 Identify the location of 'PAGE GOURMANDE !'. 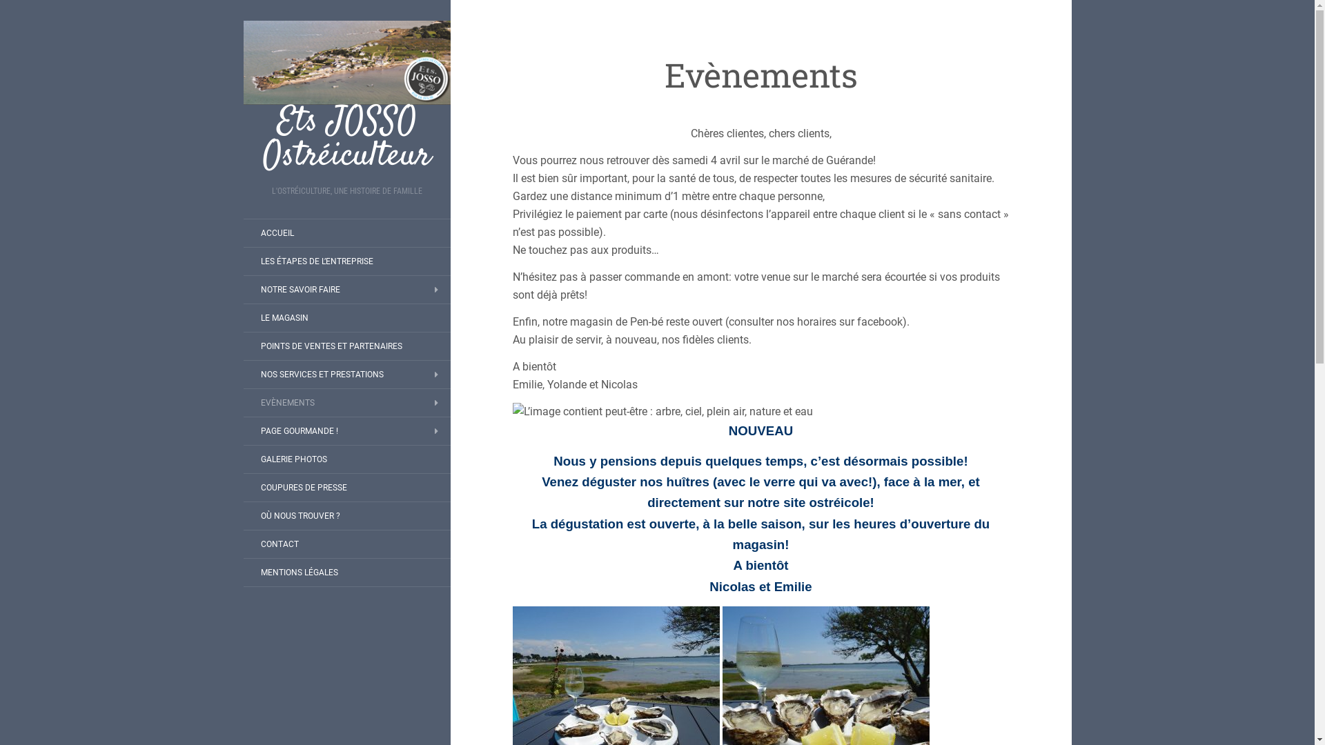
(297, 430).